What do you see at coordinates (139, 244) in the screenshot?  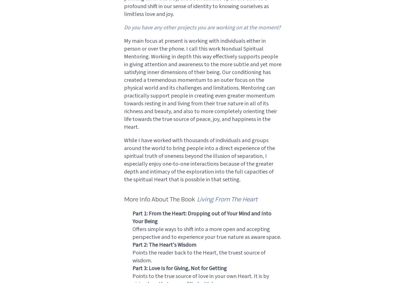 I see `'Part 2:'` at bounding box center [139, 244].